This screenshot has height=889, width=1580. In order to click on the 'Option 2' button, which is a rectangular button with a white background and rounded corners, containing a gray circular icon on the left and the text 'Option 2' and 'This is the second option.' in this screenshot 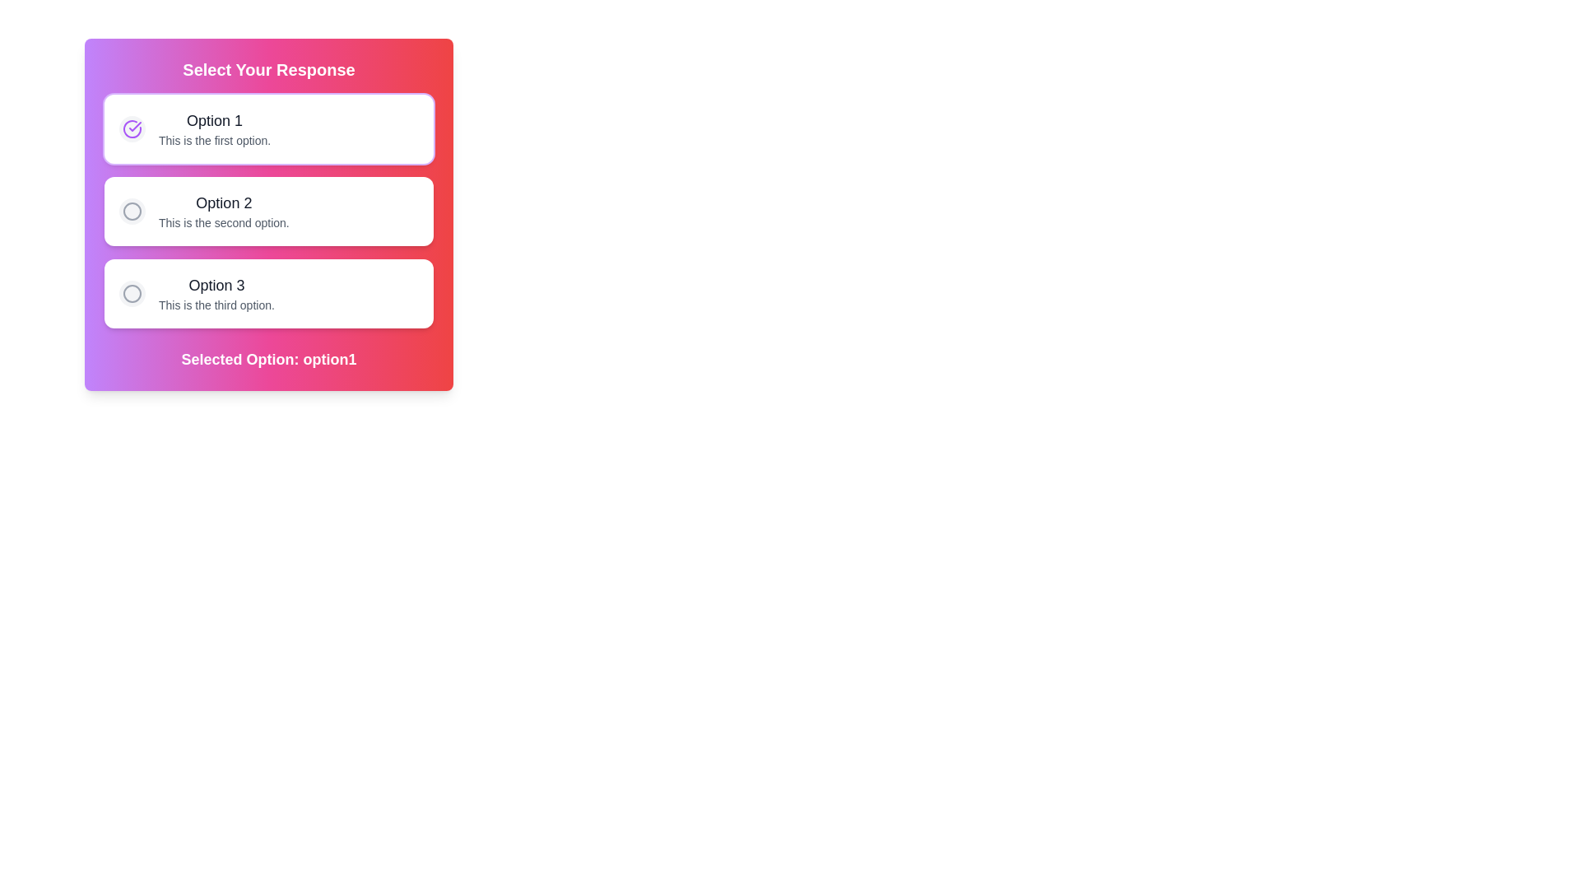, I will do `click(268, 211)`.